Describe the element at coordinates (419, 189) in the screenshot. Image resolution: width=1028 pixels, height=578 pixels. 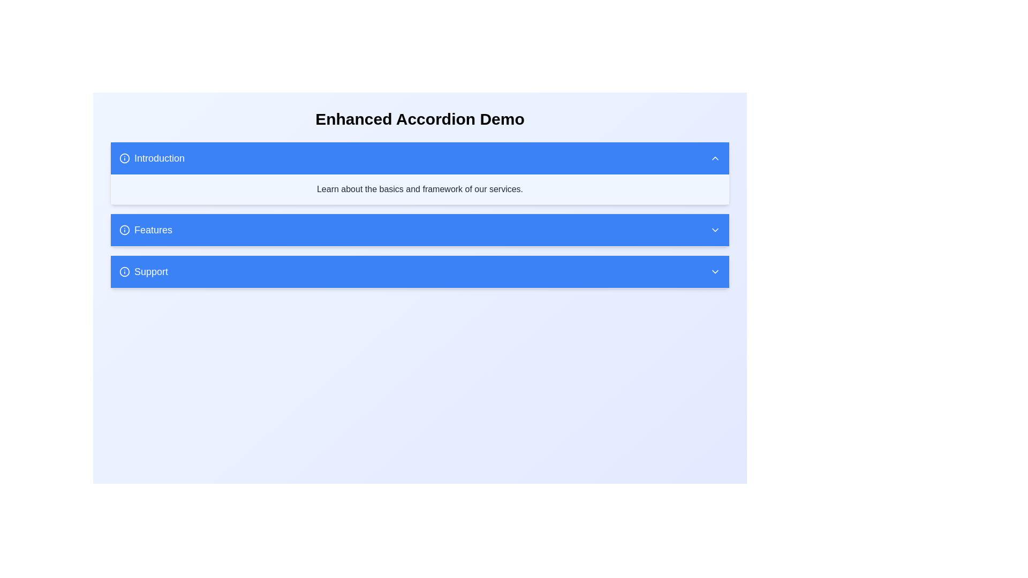
I see `the text label displaying 'Learn about the basics and framework of our services.' located beneath the 'Introduction' section header` at that location.